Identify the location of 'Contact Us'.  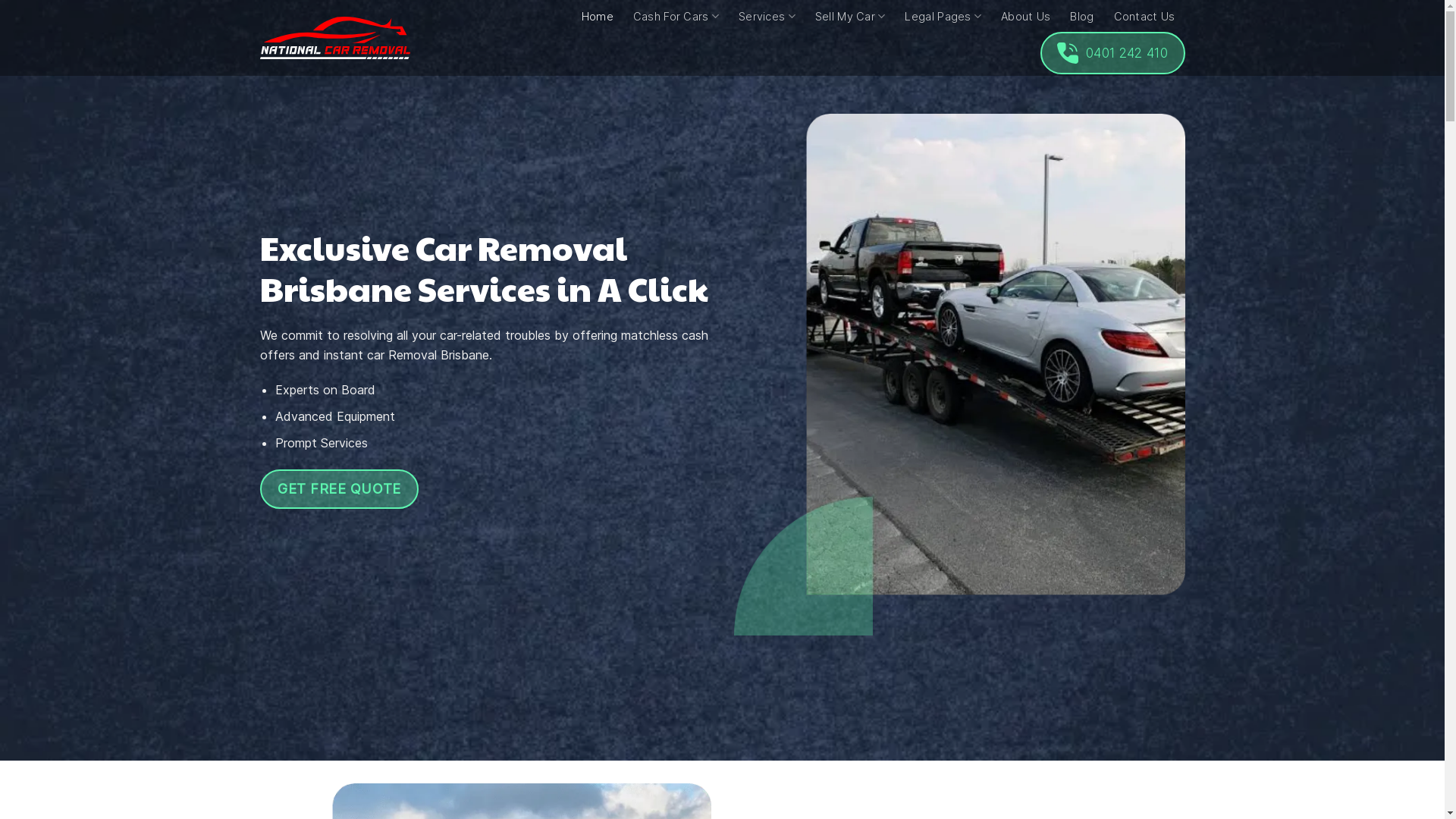
(1144, 17).